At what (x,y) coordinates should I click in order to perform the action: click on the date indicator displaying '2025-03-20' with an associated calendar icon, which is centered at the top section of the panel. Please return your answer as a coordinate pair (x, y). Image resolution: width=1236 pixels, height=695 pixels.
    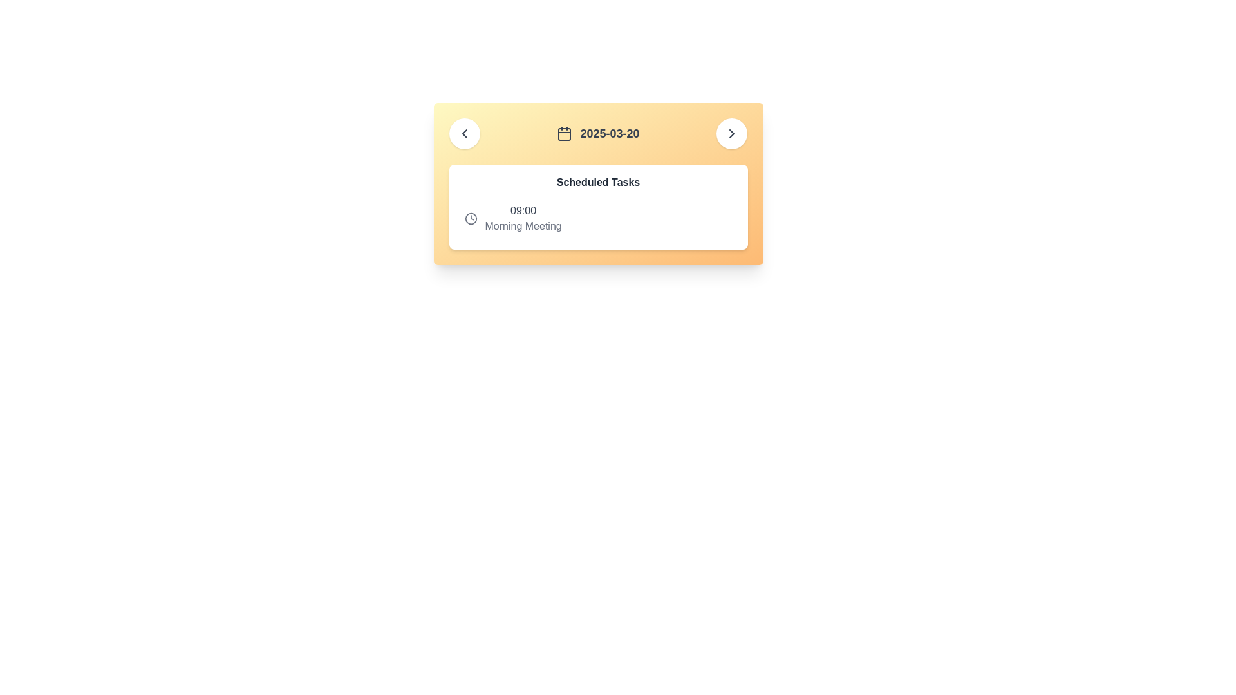
    Looking at the image, I should click on (597, 134).